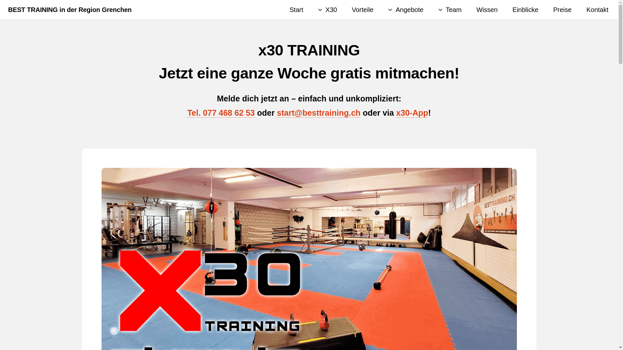 Image resolution: width=623 pixels, height=350 pixels. I want to click on 'Angebote', so click(405, 10).